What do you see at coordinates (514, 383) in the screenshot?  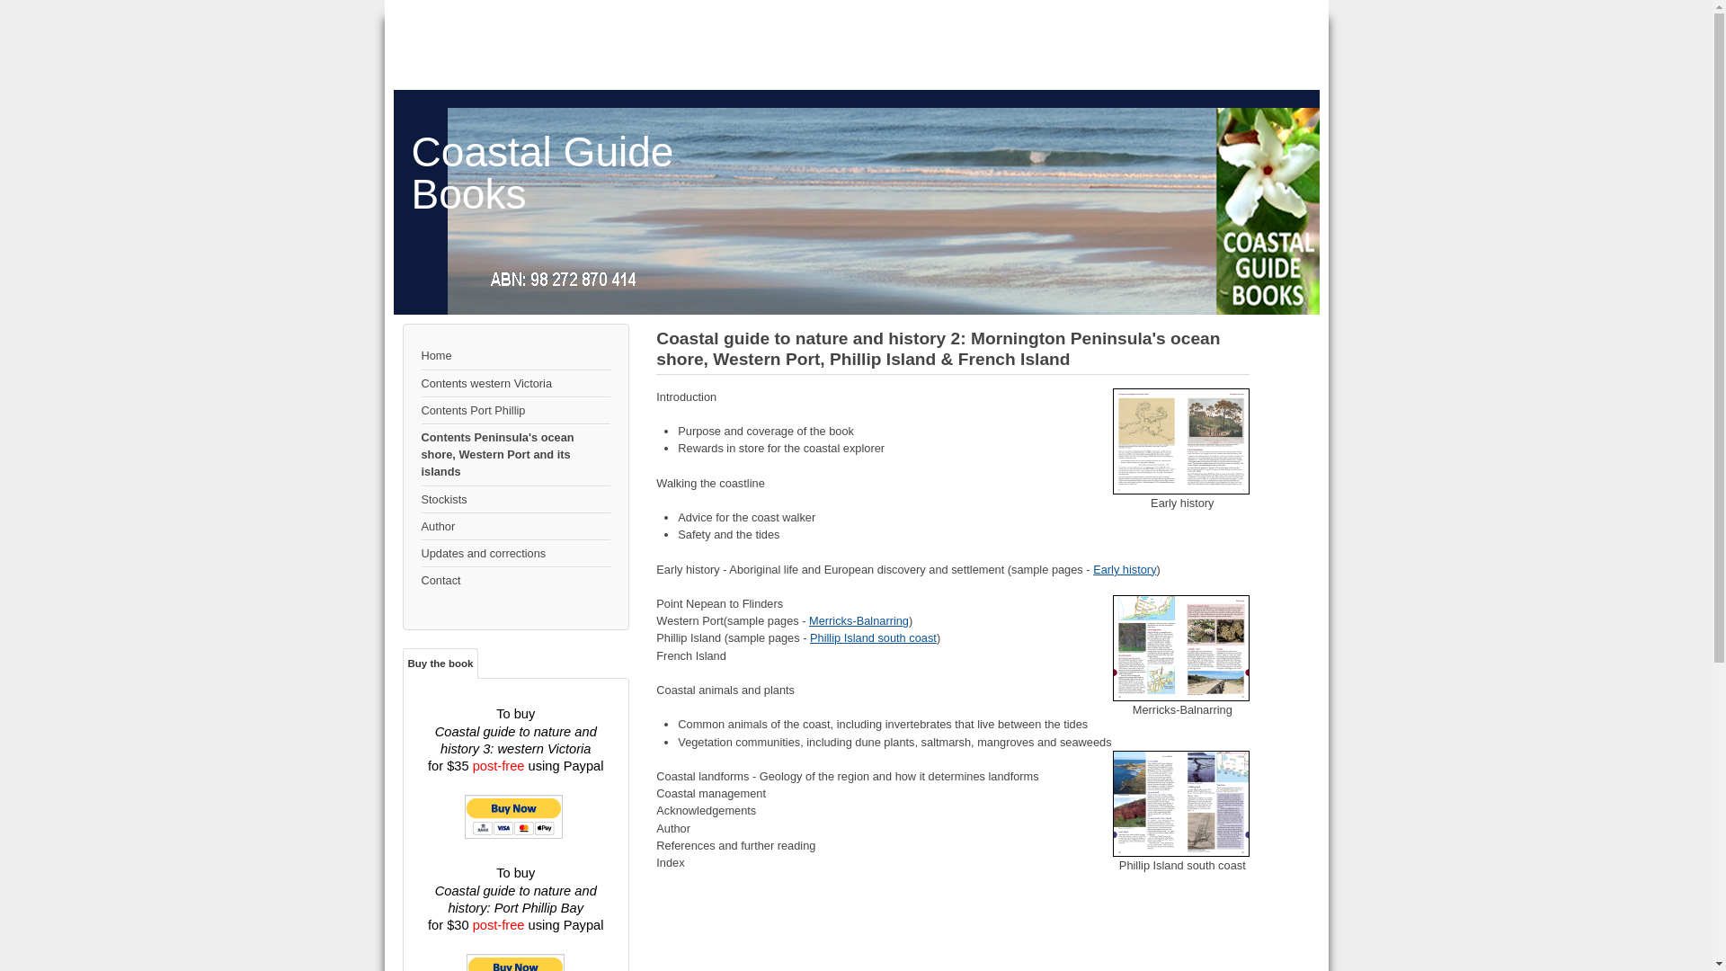 I see `'Contents western Victoria'` at bounding box center [514, 383].